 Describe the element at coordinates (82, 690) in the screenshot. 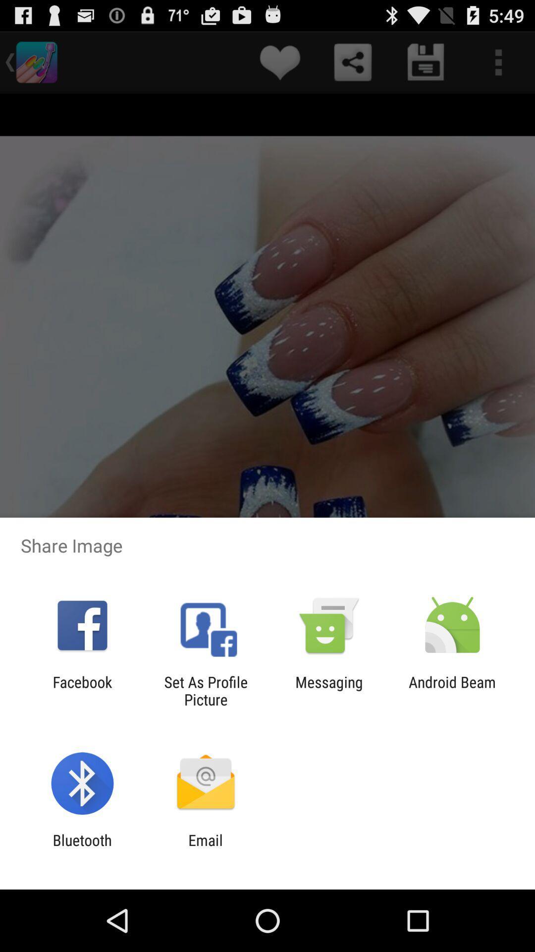

I see `facebook icon` at that location.